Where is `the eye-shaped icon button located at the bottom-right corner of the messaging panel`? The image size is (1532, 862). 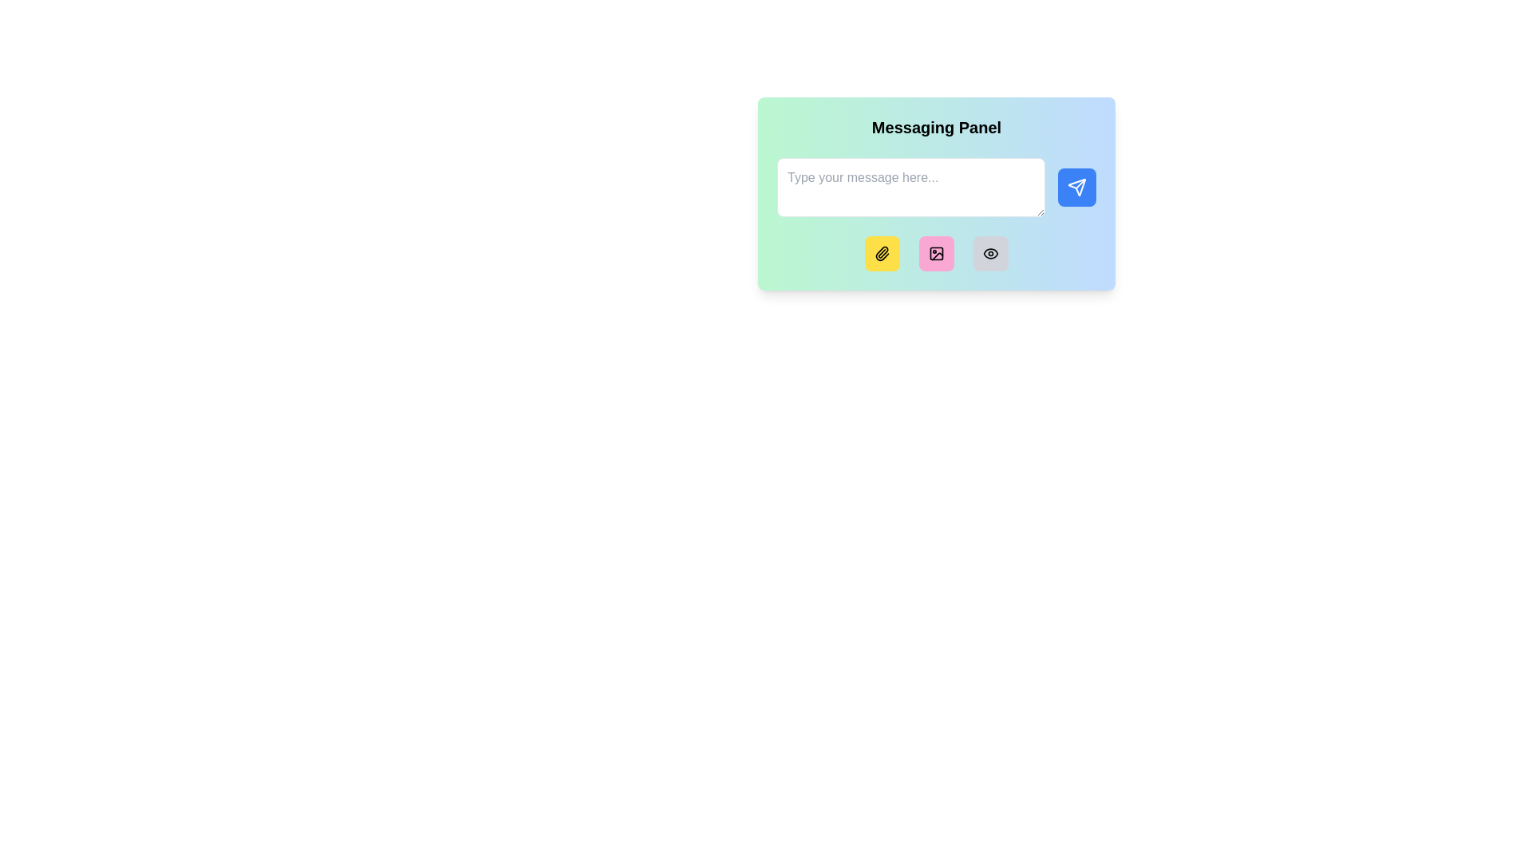
the eye-shaped icon button located at the bottom-right corner of the messaging panel is located at coordinates (990, 252).